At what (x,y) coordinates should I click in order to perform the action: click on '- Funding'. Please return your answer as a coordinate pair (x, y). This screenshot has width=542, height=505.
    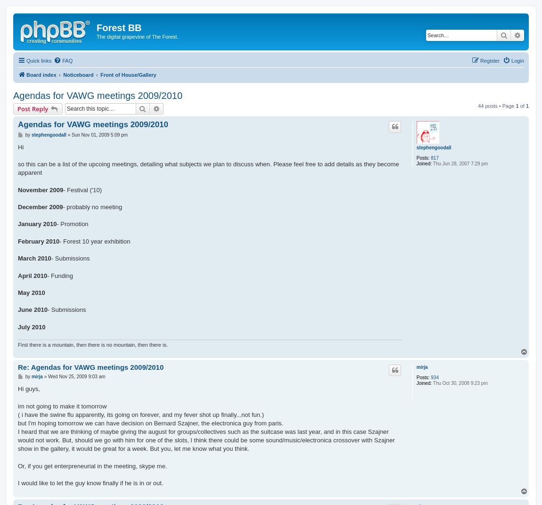
    Looking at the image, I should click on (59, 275).